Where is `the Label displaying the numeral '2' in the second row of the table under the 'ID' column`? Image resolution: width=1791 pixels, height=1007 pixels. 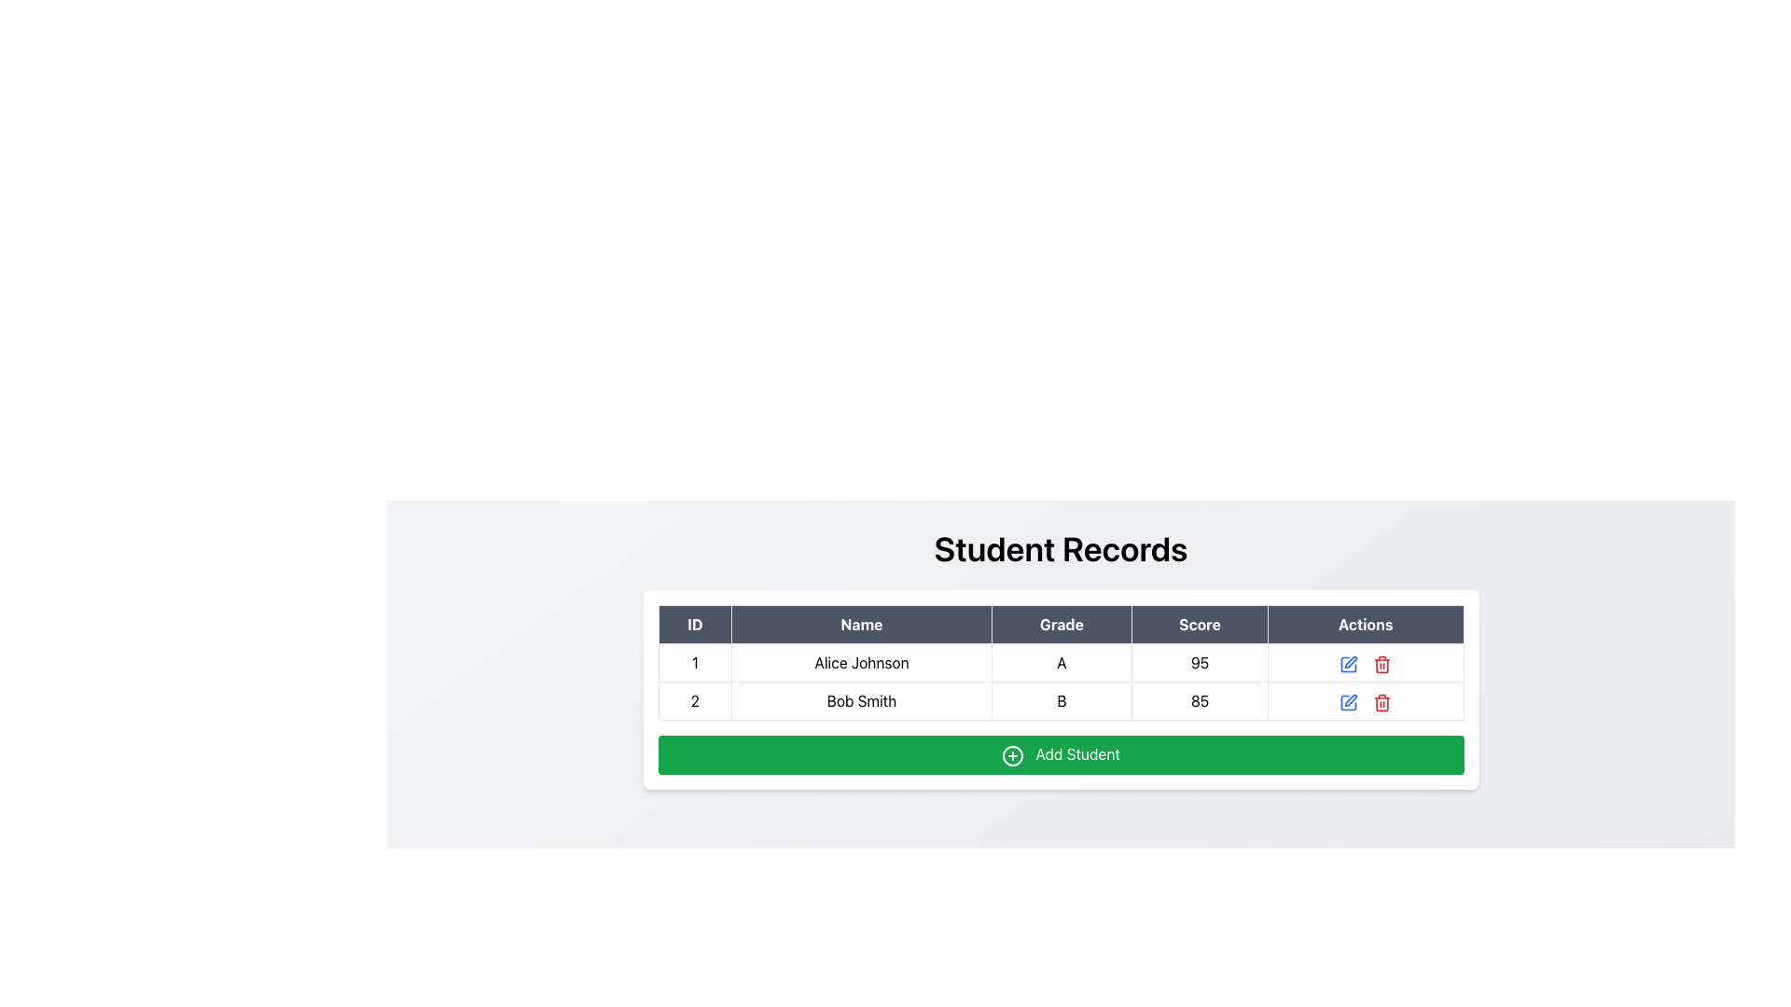 the Label displaying the numeral '2' in the second row of the table under the 'ID' column is located at coordinates (694, 701).